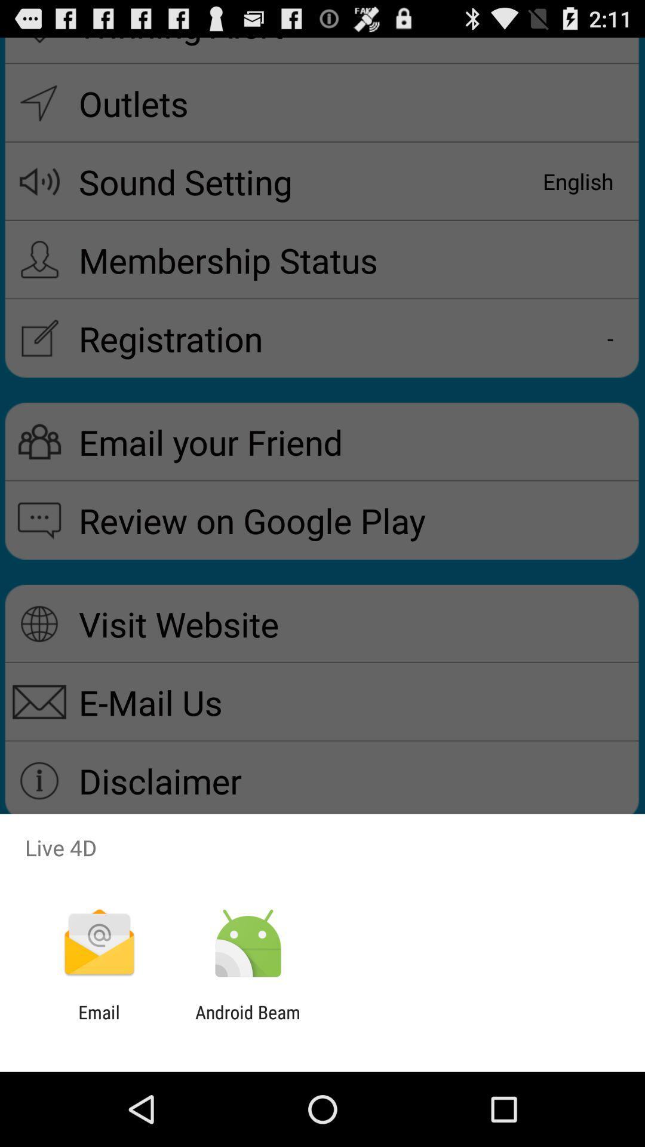 The width and height of the screenshot is (645, 1147). Describe the element at coordinates (247, 1022) in the screenshot. I see `the item next to email` at that location.